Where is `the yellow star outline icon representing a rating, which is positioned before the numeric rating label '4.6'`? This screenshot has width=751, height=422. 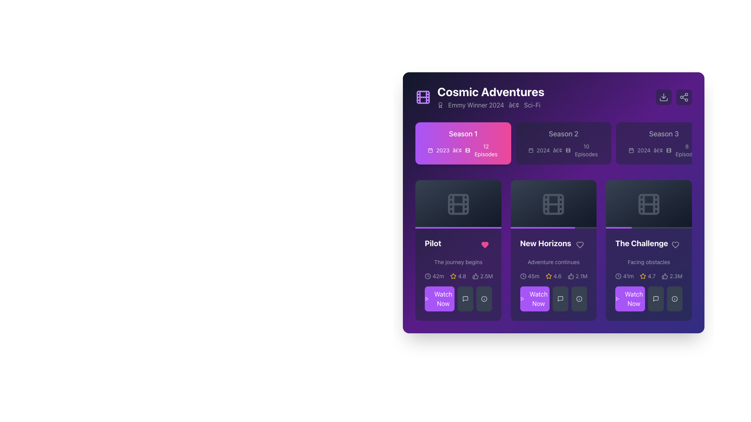 the yellow star outline icon representing a rating, which is positioned before the numeric rating label '4.6' is located at coordinates (548, 275).